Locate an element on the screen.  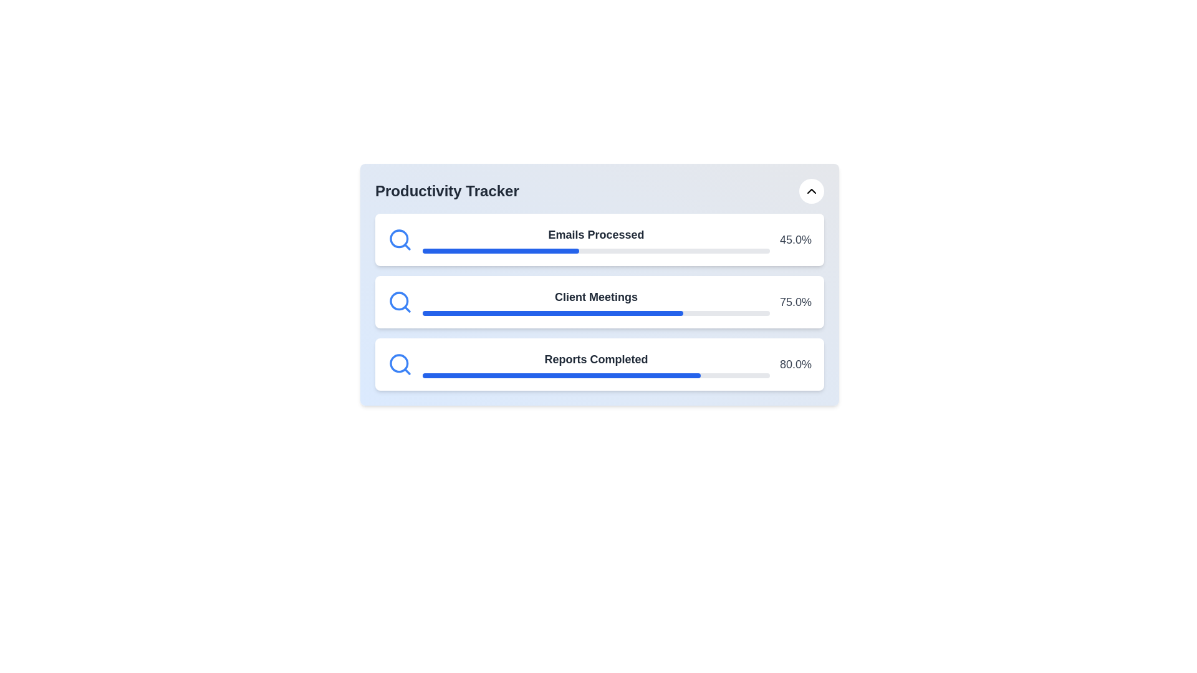
the progress indication value of the horizontal progress bar located beneath the 'Client Meetings' text, which visually represents the task's progress with a blue filled portion is located at coordinates (595, 312).